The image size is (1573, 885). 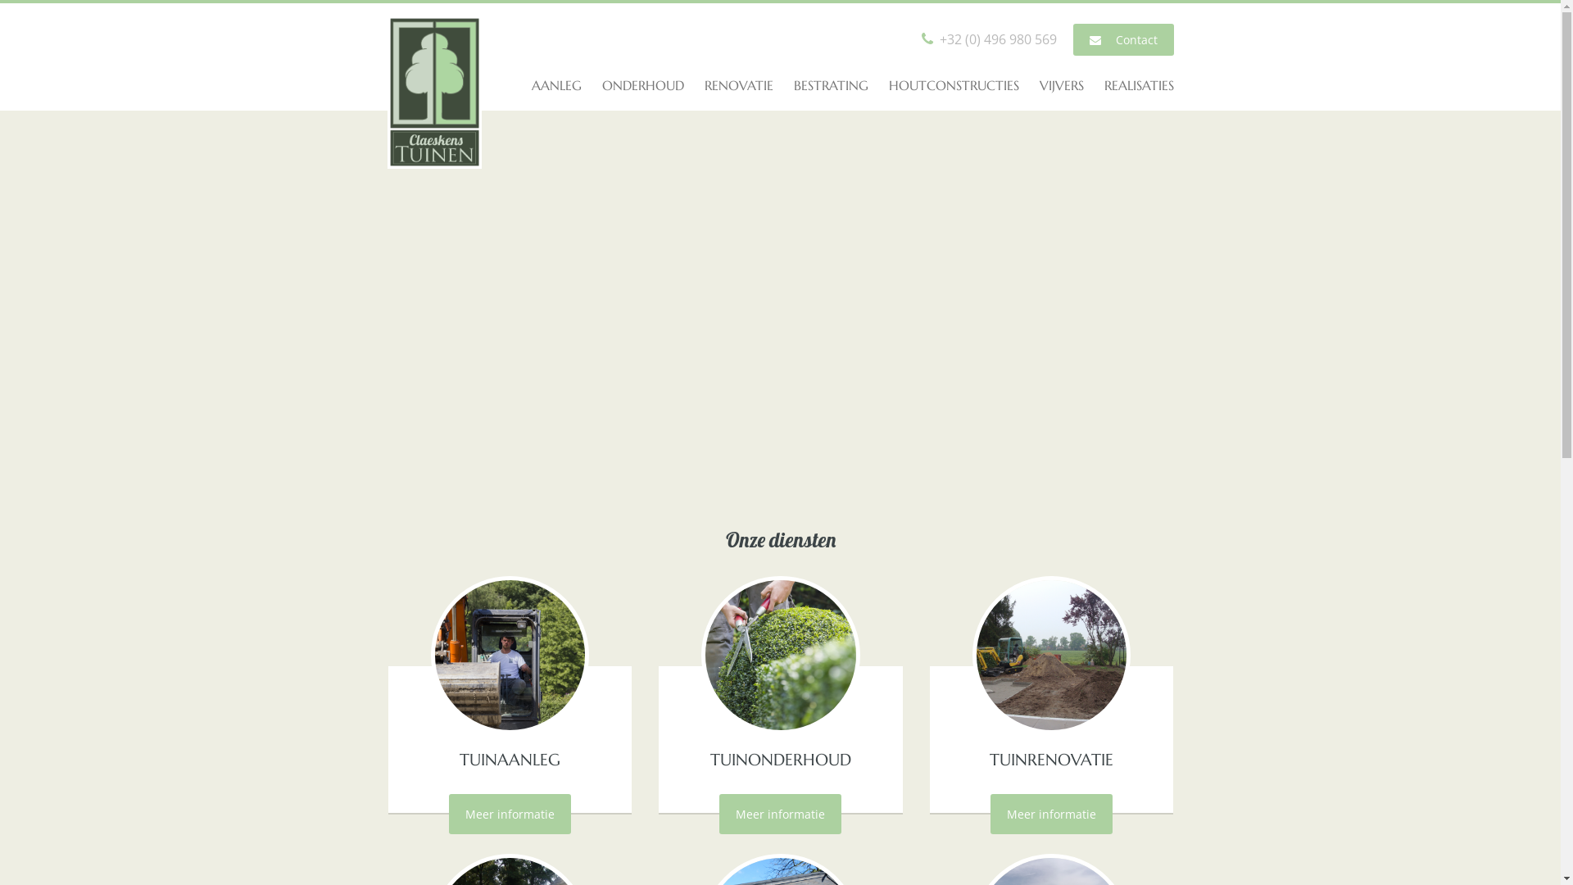 I want to click on '  Contact', so click(x=1122, y=39).